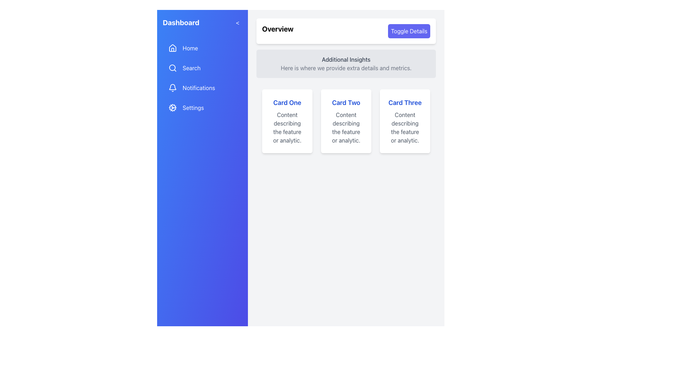 Image resolution: width=681 pixels, height=383 pixels. I want to click on text of the 'Home' label located in the navigation sidebar, positioned next to the house-shaped icon, so click(190, 48).